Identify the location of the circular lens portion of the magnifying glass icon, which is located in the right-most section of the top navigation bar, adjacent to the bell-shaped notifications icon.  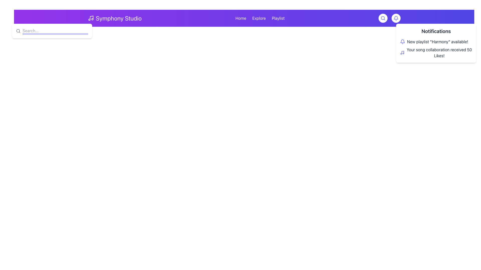
(18, 31).